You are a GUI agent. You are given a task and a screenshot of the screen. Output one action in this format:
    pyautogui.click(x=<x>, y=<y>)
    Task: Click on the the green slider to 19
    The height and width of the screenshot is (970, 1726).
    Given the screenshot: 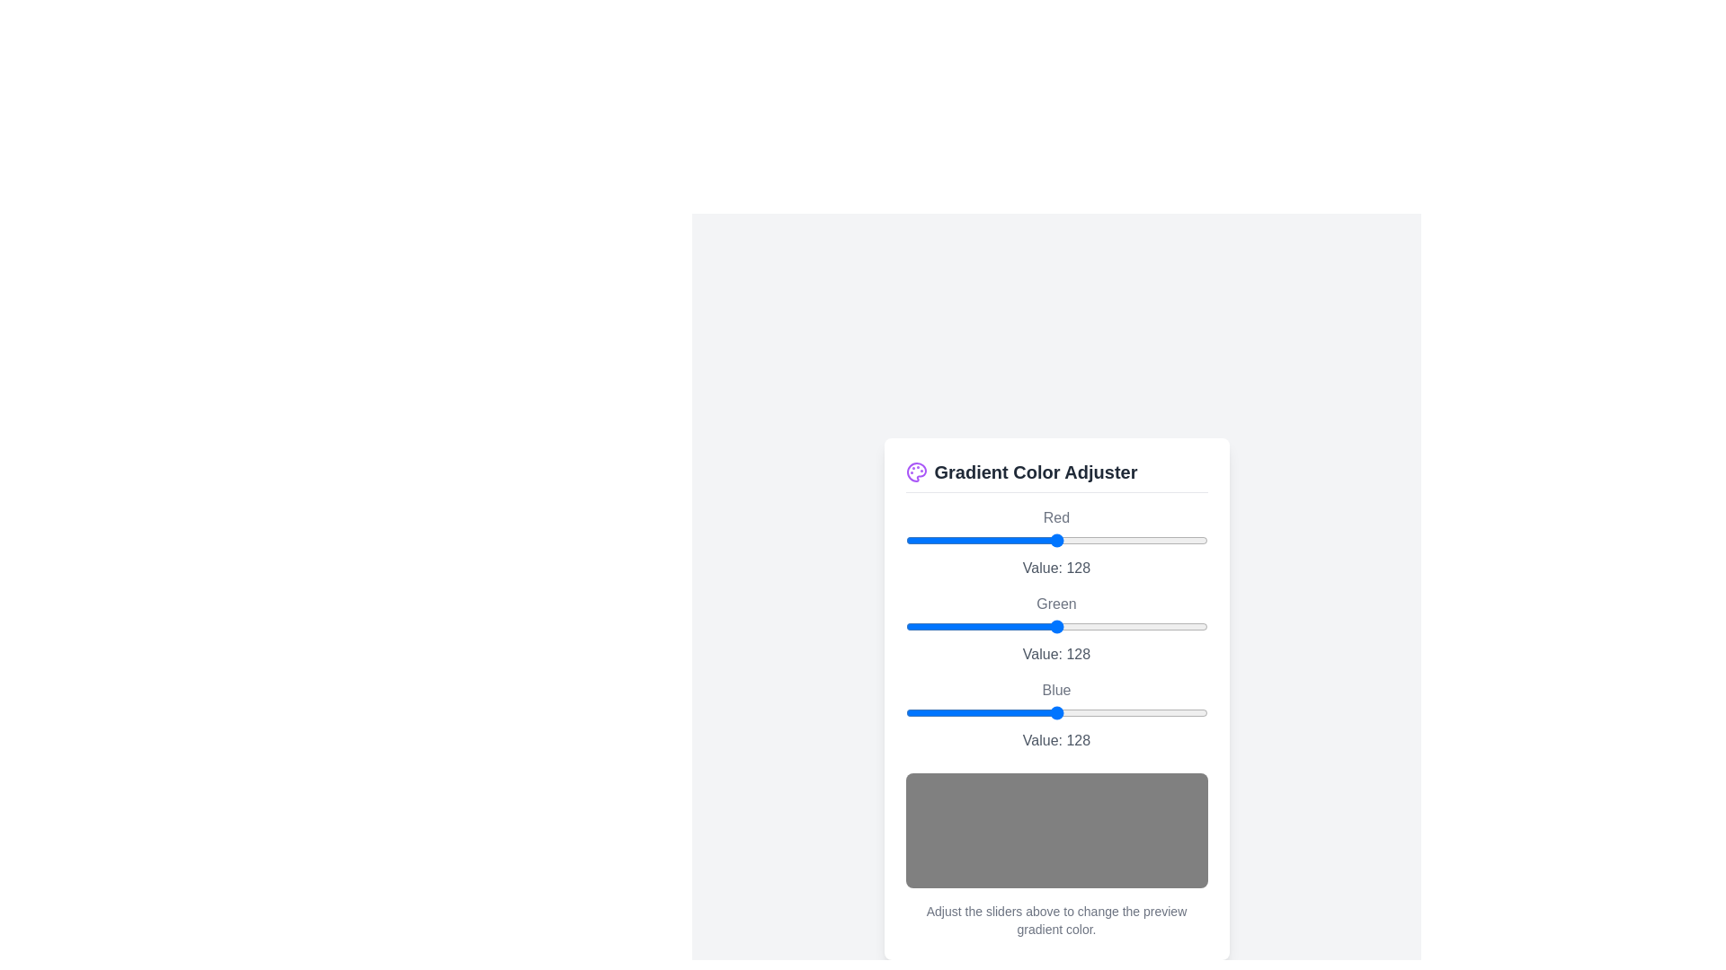 What is the action you would take?
    pyautogui.click(x=928, y=625)
    